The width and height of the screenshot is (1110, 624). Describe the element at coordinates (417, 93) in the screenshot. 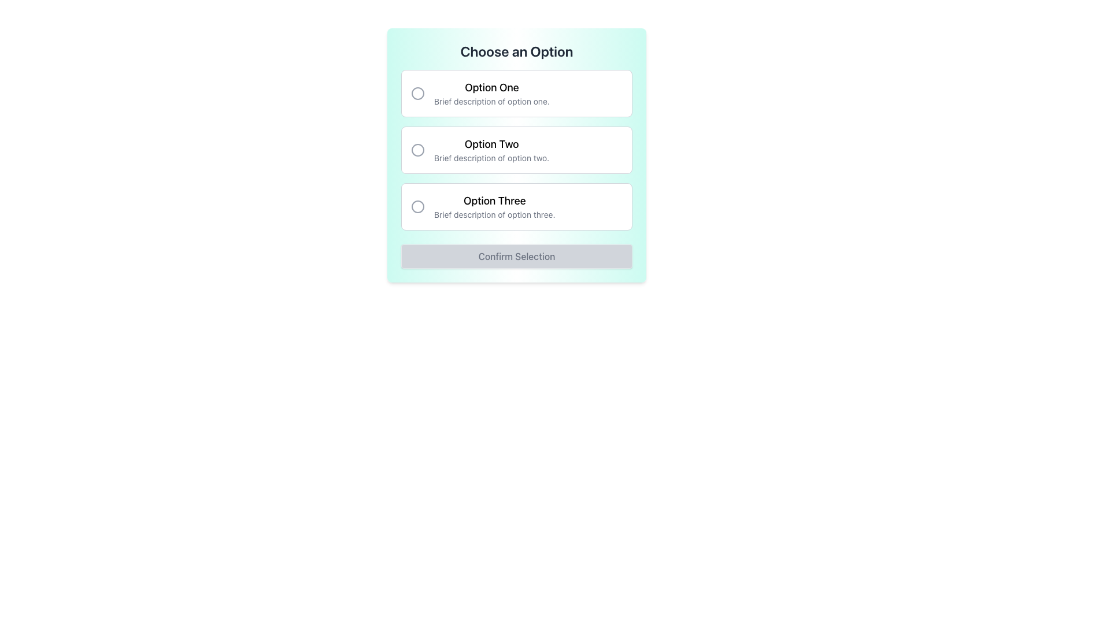

I see `the Radio Button Indicator located on the left-hand side of the card titled 'Option One' in the top card among a set of three cards` at that location.